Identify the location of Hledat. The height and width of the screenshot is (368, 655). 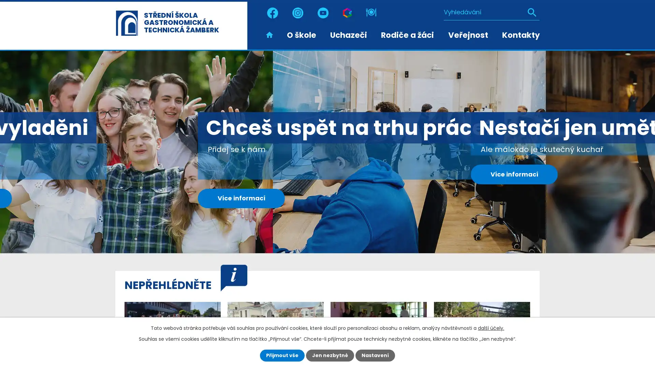
(532, 12).